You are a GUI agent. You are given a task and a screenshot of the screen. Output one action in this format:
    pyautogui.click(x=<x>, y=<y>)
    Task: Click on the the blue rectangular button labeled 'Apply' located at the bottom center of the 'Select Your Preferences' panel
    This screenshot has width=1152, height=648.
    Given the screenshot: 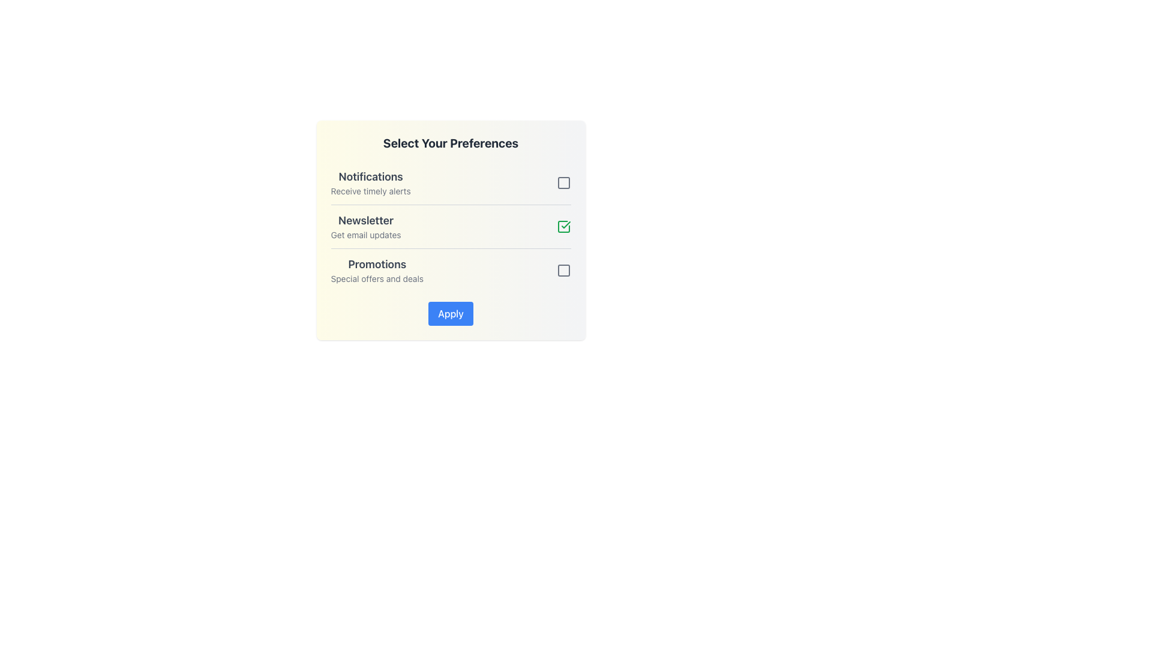 What is the action you would take?
    pyautogui.click(x=450, y=313)
    